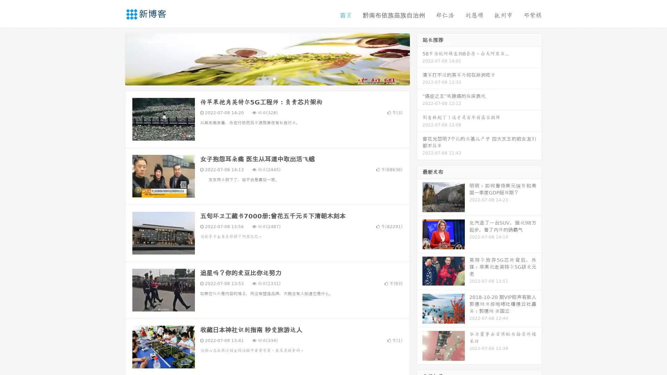 The width and height of the screenshot is (667, 375). What do you see at coordinates (274, 78) in the screenshot?
I see `Go to slide 3` at bounding box center [274, 78].